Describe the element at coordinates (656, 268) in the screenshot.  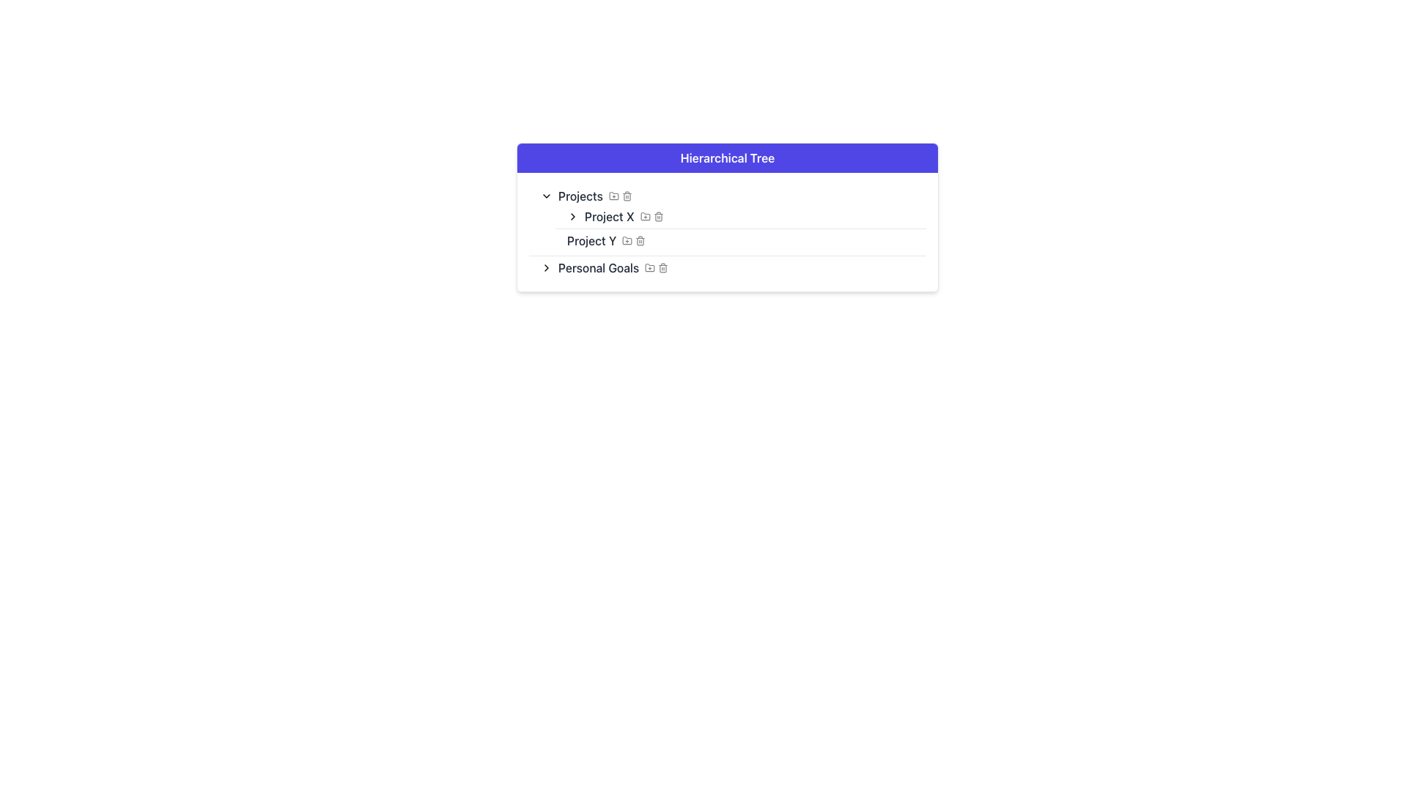
I see `the folder-plus icon in the dual-icon component for 'Personal Goals' to change its color to blue` at that location.